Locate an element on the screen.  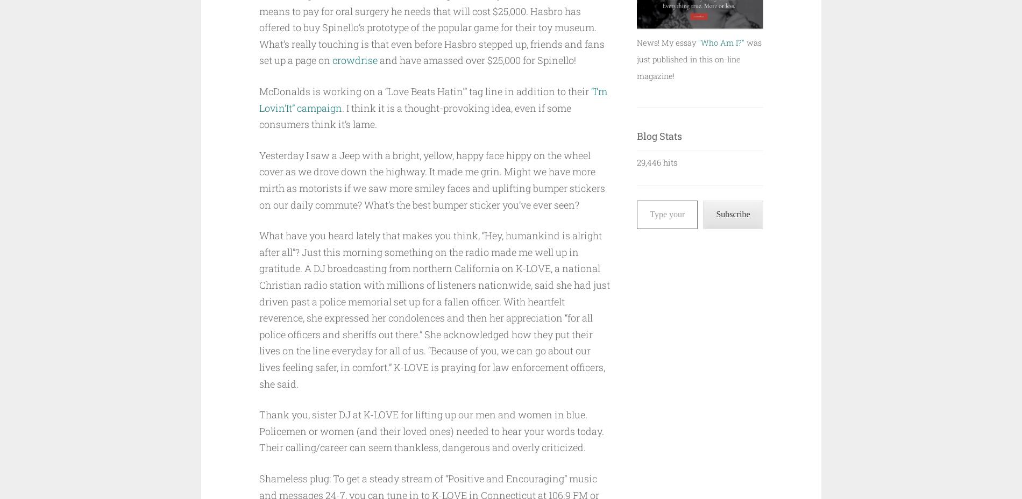
'. I think it is a thought-provoking idea, even if some consumers think it’s lame.' is located at coordinates (414, 116).